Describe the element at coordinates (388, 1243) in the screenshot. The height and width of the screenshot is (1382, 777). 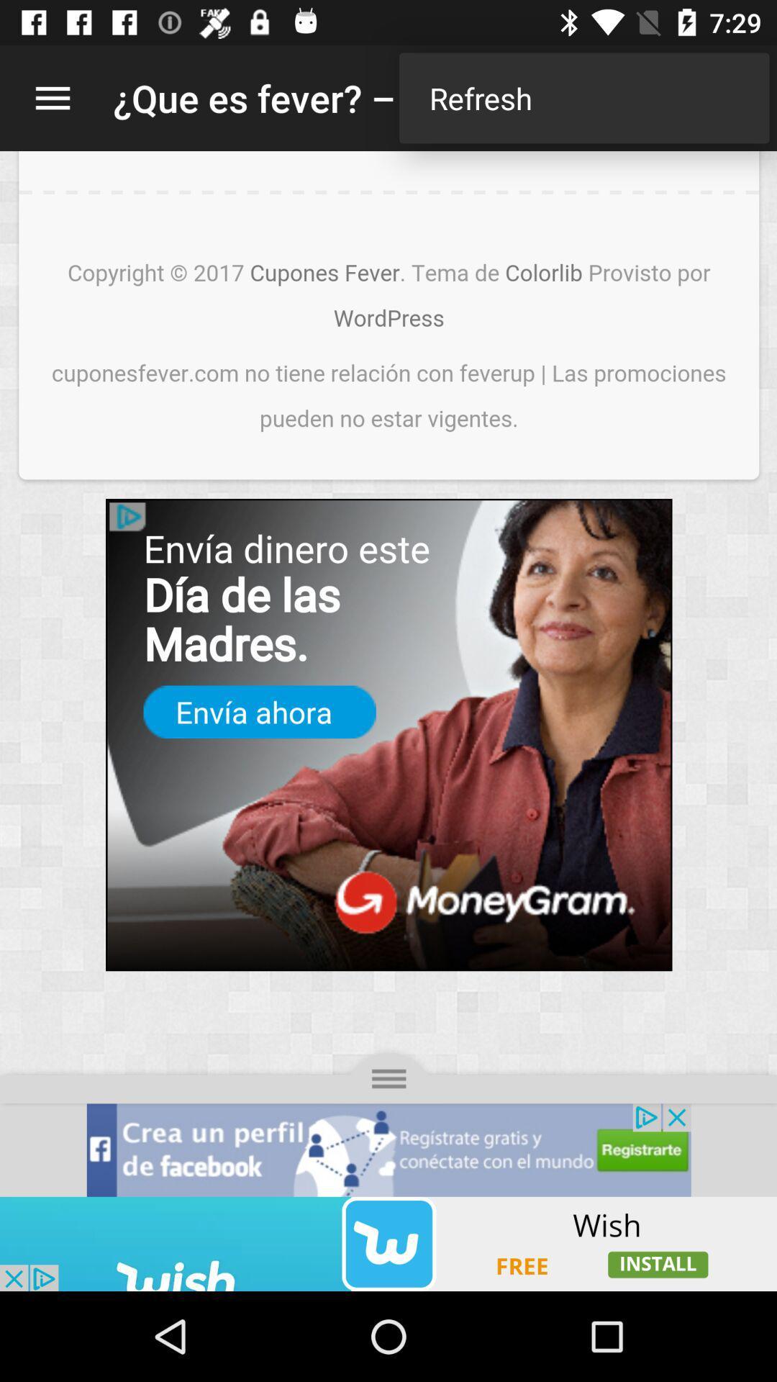
I see `visit advertiser website` at that location.